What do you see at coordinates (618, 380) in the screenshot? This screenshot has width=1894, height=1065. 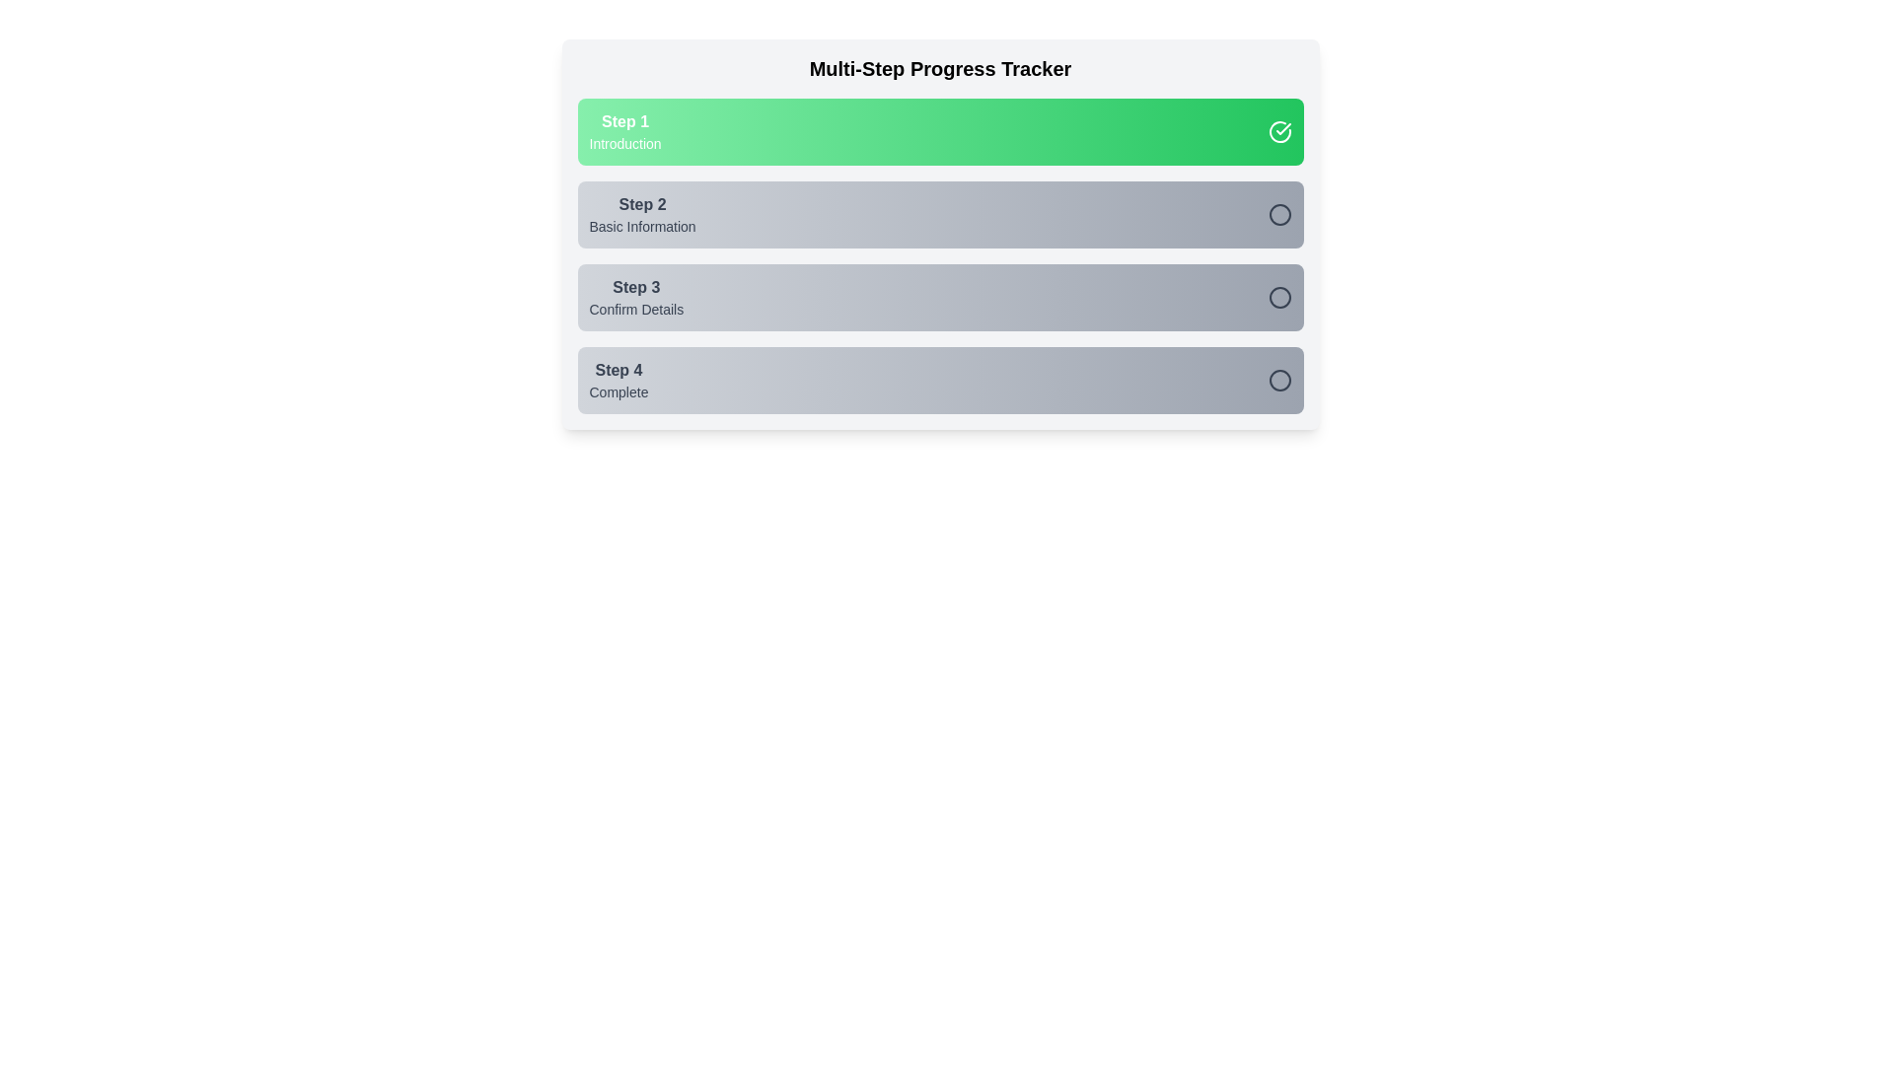 I see `the label indicating that the fourth step is marked as complete in the multi-step process tracker` at bounding box center [618, 380].